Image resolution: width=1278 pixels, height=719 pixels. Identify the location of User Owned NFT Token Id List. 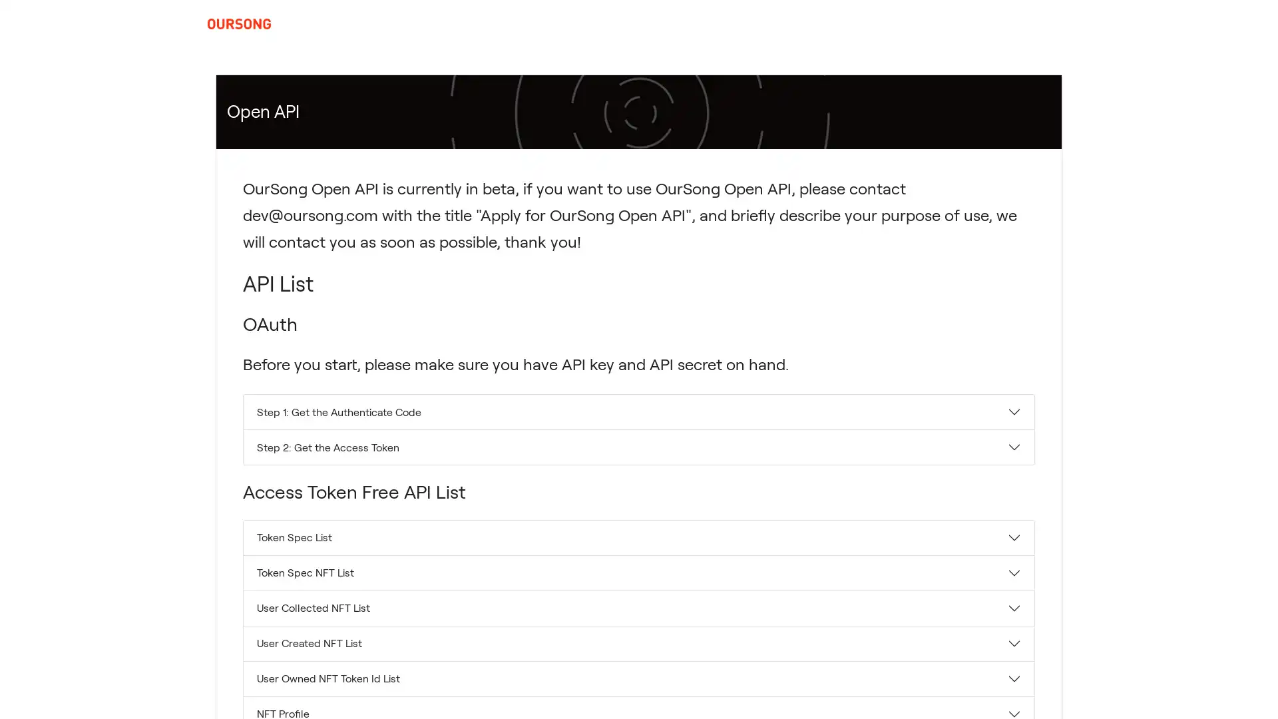
(639, 678).